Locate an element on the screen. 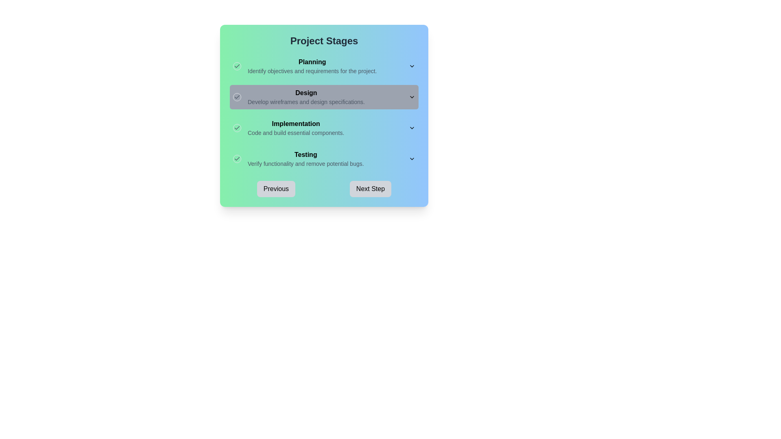 The image size is (781, 439). the chevron-down icon, which is a minimalist black arrow indicating a dropdown menu, located near the right edge and aligned with the 'Testing' section label is located at coordinates (412, 159).